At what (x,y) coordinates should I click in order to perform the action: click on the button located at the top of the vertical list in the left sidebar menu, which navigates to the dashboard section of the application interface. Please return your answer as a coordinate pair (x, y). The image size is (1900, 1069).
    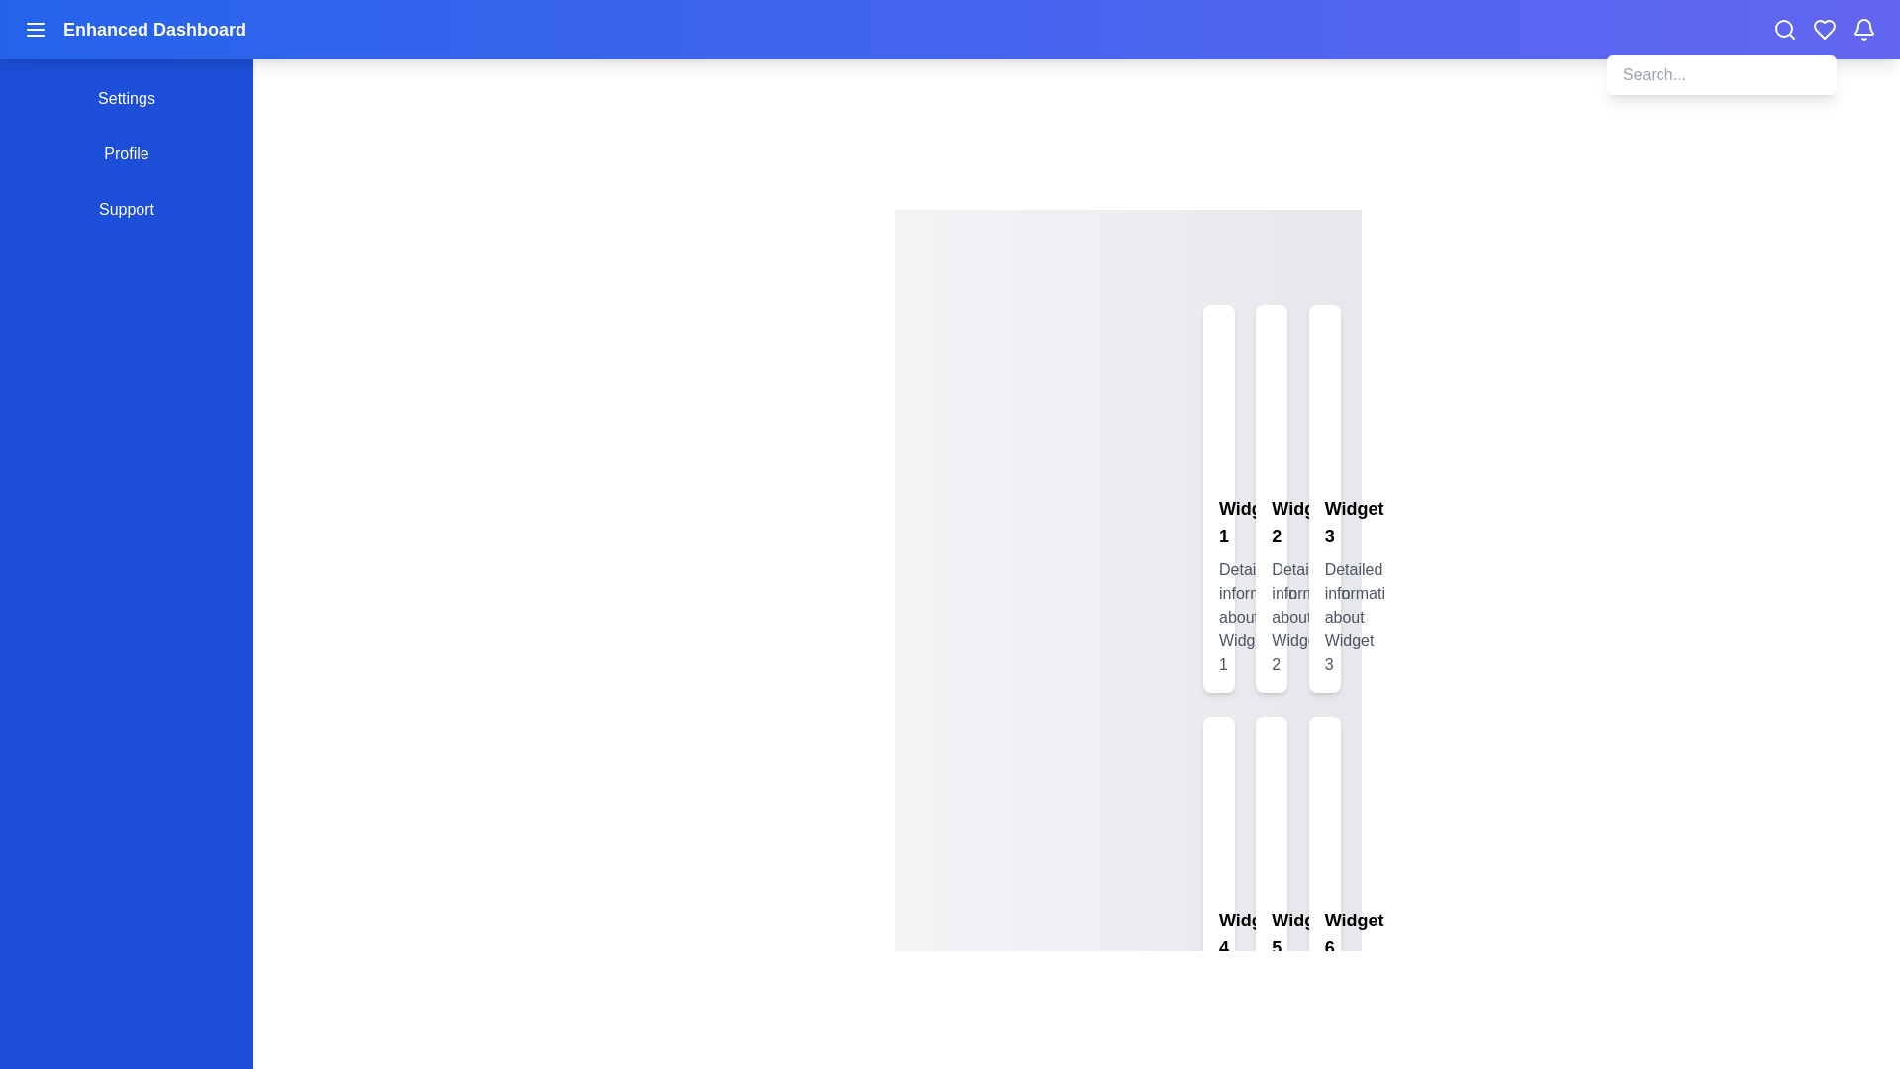
    Looking at the image, I should click on (126, 43).